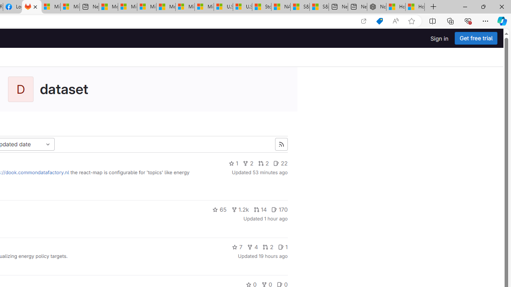 Image resolution: width=511 pixels, height=287 pixels. Describe the element at coordinates (363, 21) in the screenshot. I see `'Open in app'` at that location.